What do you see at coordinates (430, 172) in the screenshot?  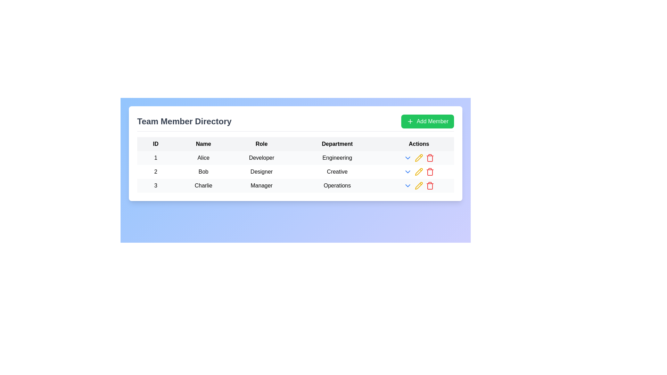 I see `the delete button located in the Actions column of the second row in the Team Member Directory table` at bounding box center [430, 172].